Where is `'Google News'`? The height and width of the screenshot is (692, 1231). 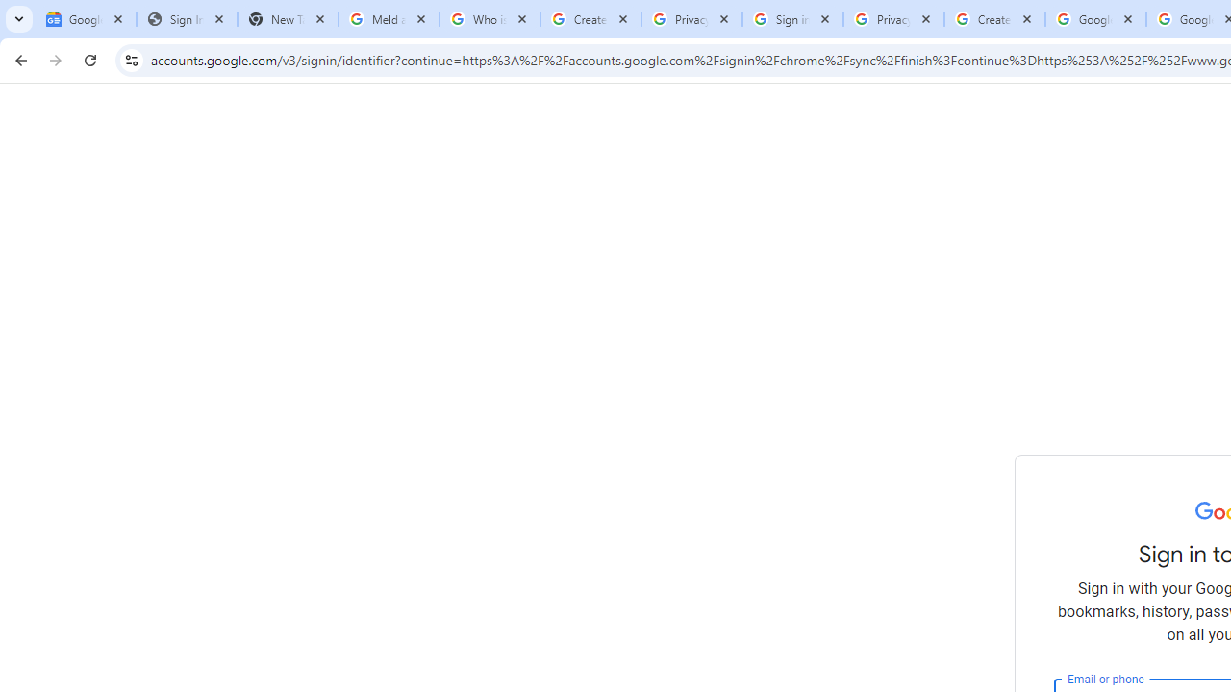 'Google News' is located at coordinates (85, 19).